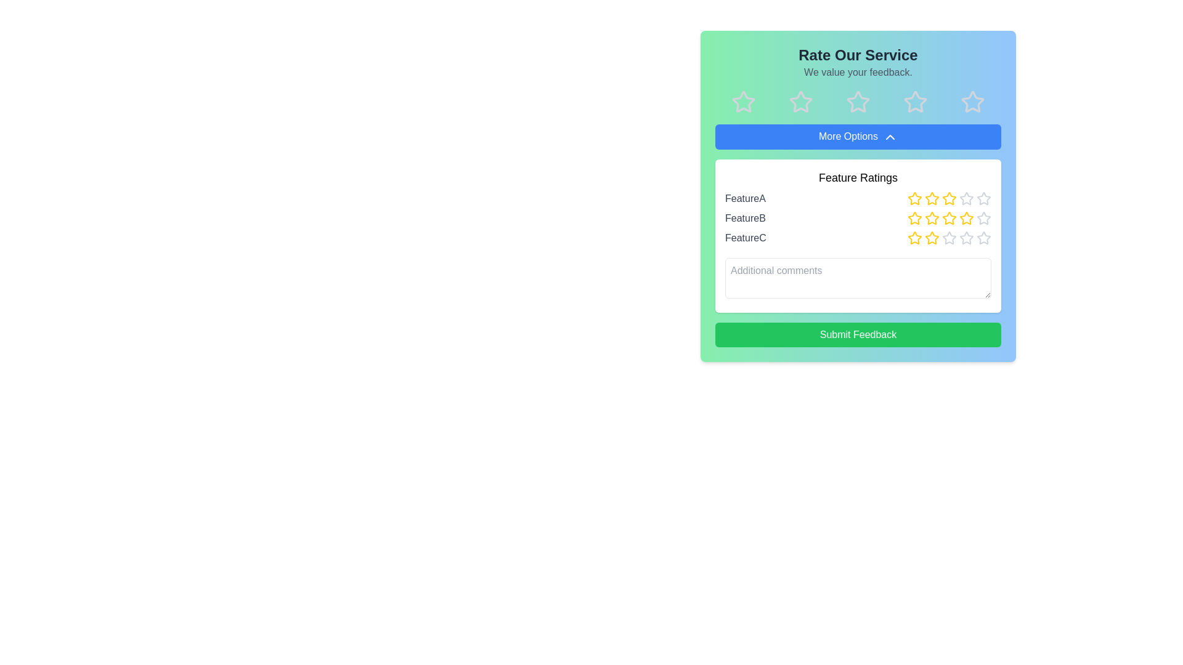 The image size is (1183, 665). What do you see at coordinates (932, 237) in the screenshot?
I see `the third star icon in the rating section for 'FeatureC'` at bounding box center [932, 237].